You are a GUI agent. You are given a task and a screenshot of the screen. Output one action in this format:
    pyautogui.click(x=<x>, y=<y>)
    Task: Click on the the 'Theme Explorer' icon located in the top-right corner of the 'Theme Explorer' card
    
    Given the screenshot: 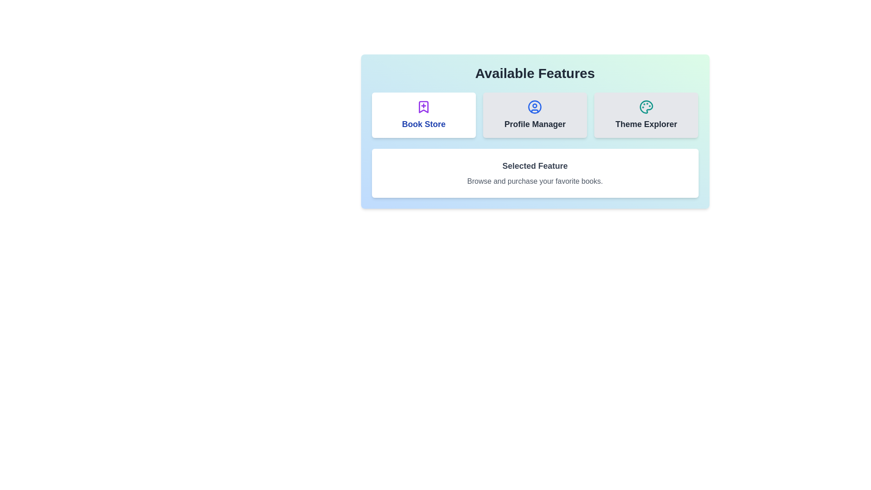 What is the action you would take?
    pyautogui.click(x=646, y=106)
    